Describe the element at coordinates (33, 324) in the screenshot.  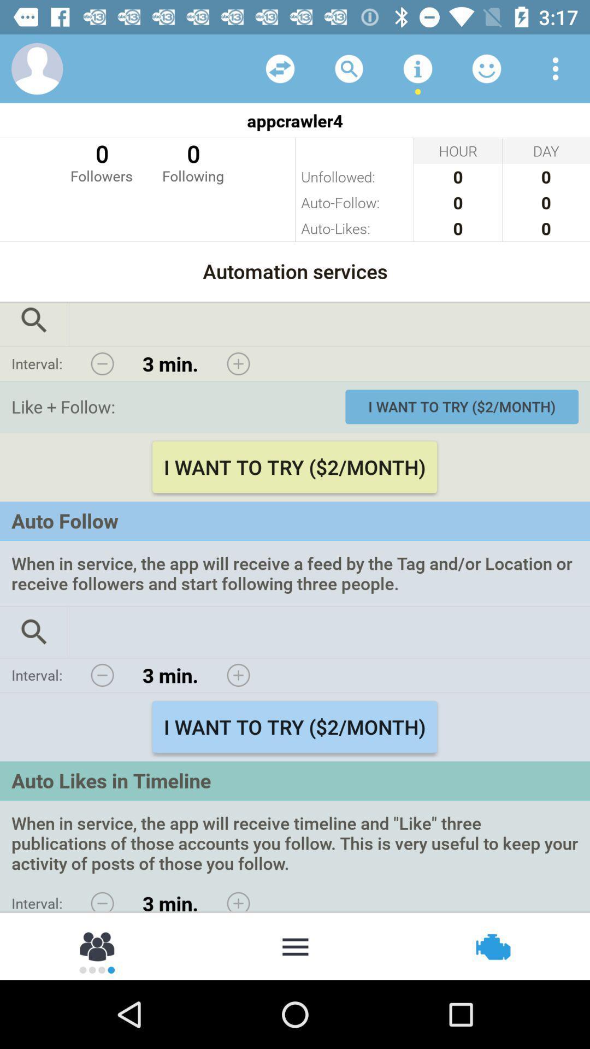
I see `search icon` at that location.